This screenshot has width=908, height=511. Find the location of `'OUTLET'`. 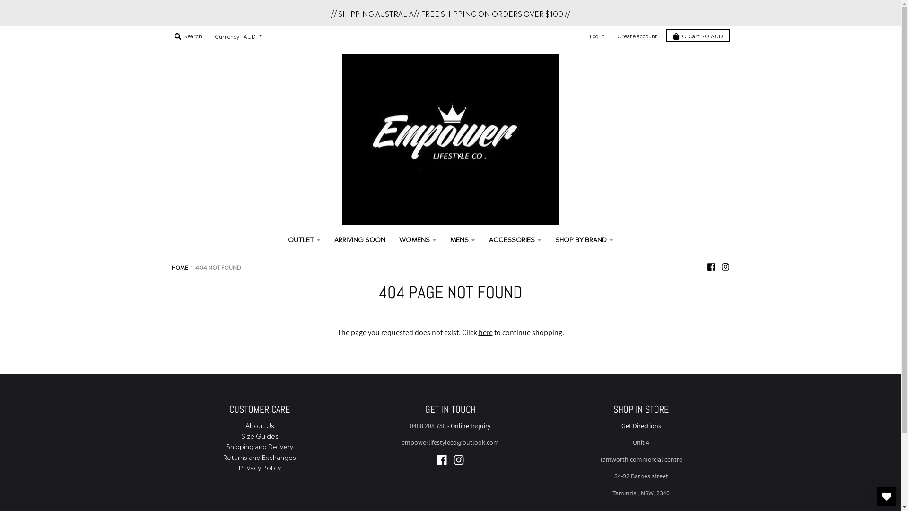

'OUTLET' is located at coordinates (304, 238).